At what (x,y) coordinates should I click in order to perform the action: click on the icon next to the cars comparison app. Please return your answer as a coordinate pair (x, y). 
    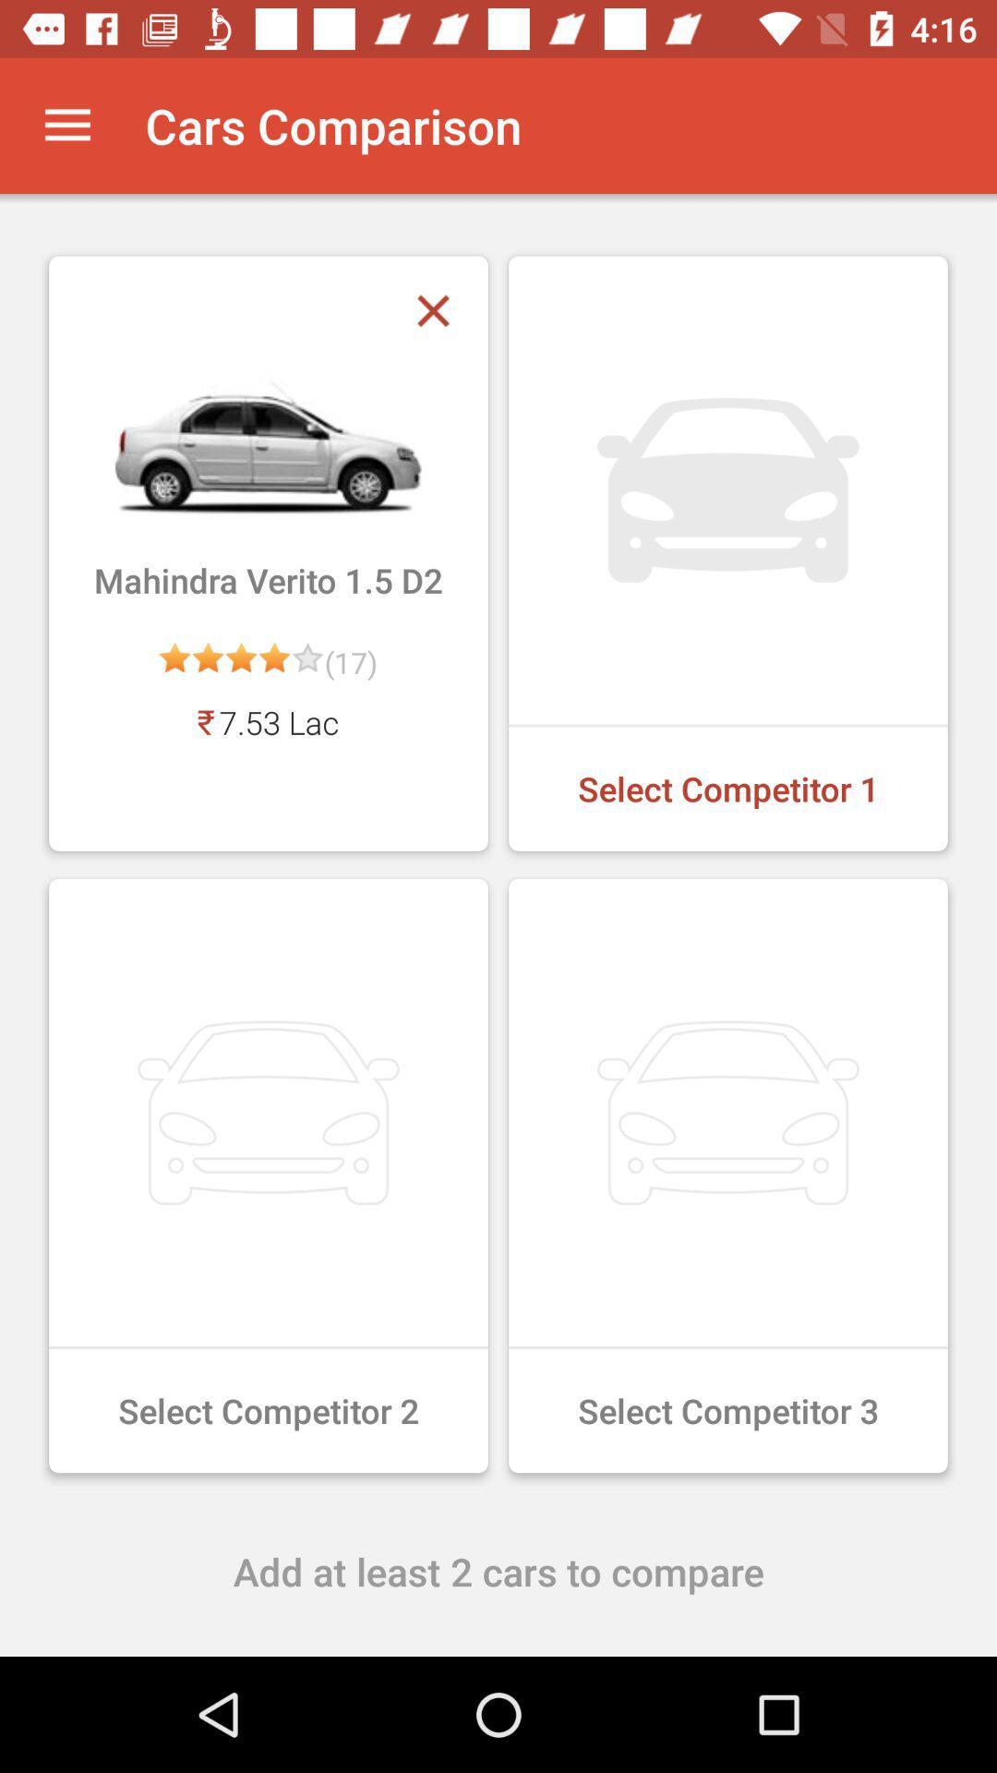
    Looking at the image, I should click on (66, 125).